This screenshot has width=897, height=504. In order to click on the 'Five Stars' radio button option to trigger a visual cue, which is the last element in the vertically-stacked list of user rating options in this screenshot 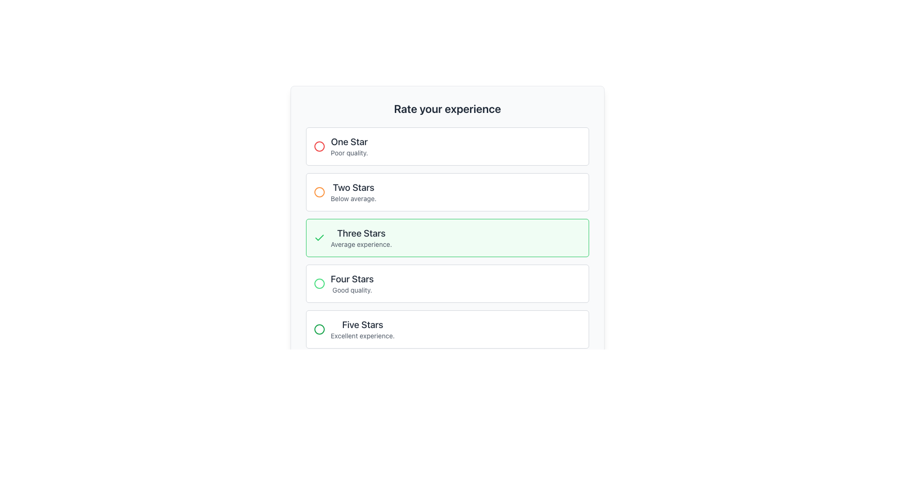, I will do `click(447, 329)`.